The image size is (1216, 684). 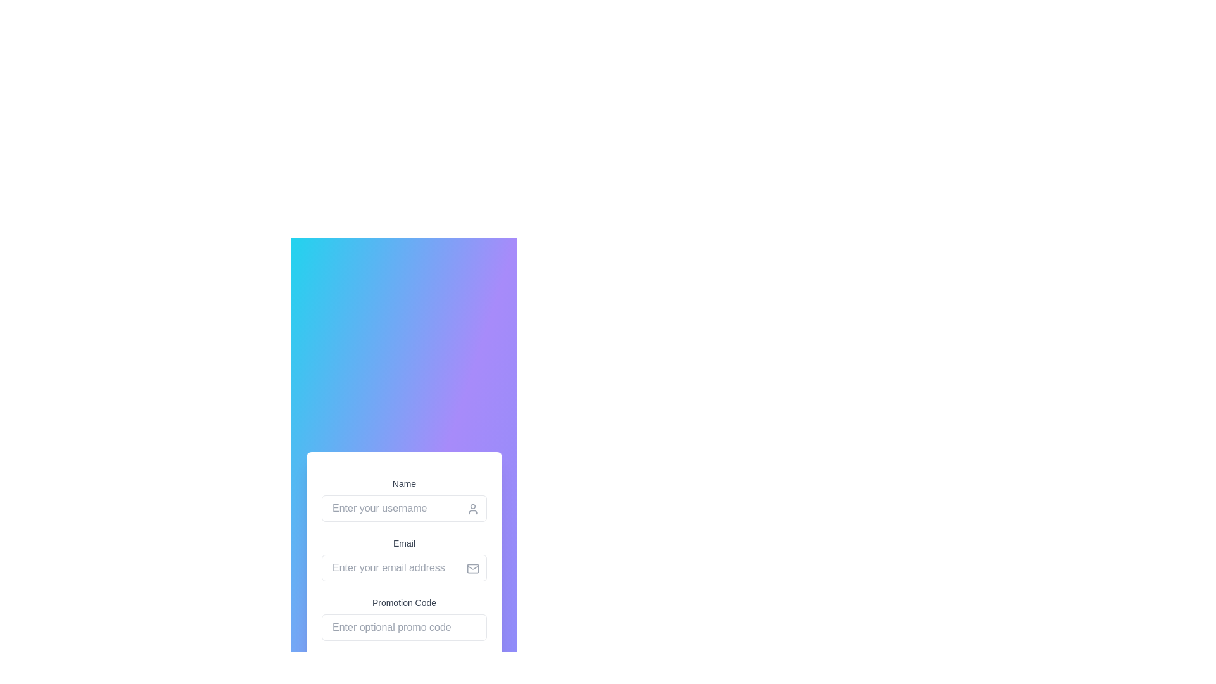 I want to click on the email input field located in the center of the form, below the 'Email' title and above the 'Promotion Code' input field, to focus on it, so click(x=403, y=567).